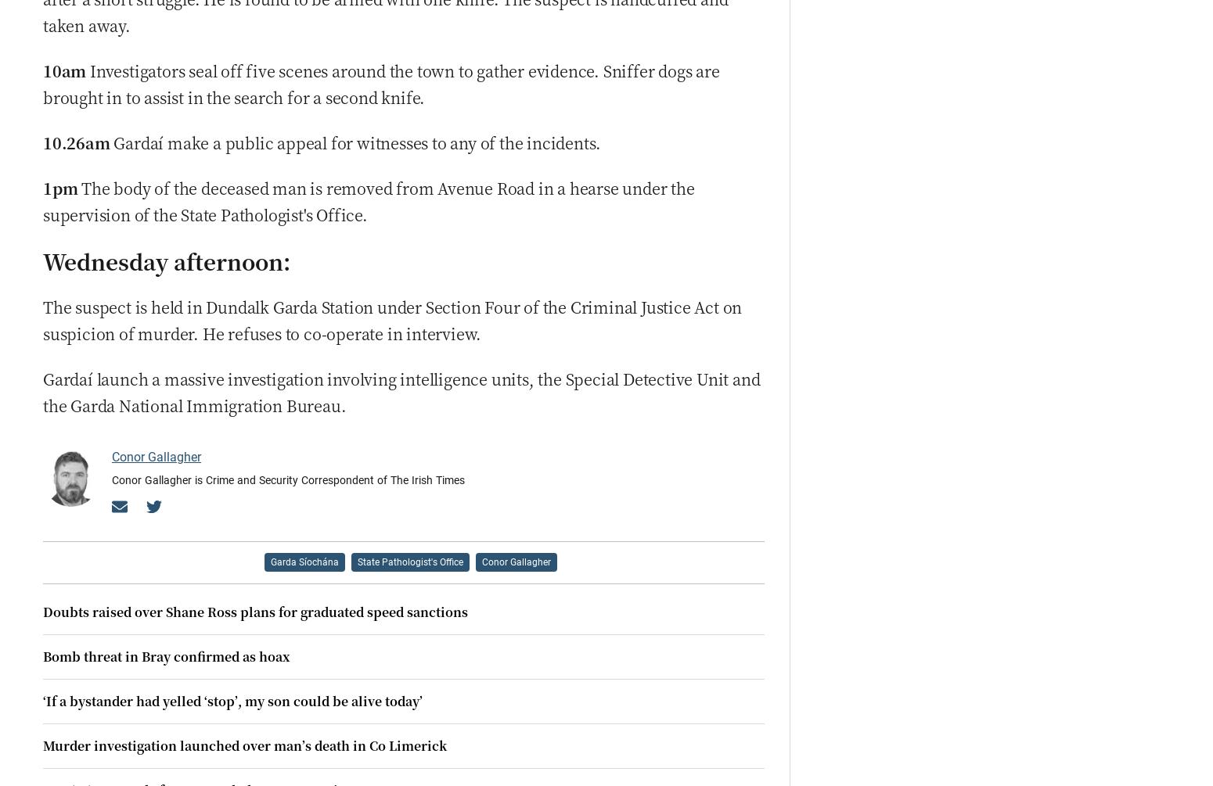  What do you see at coordinates (357, 141) in the screenshot?
I see `'Gardaí make a public appeal for witnesses to any of the incidents.'` at bounding box center [357, 141].